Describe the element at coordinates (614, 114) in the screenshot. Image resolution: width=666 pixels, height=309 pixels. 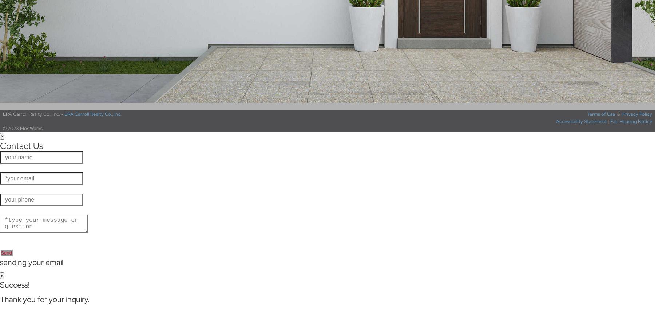
I see `'&'` at that location.